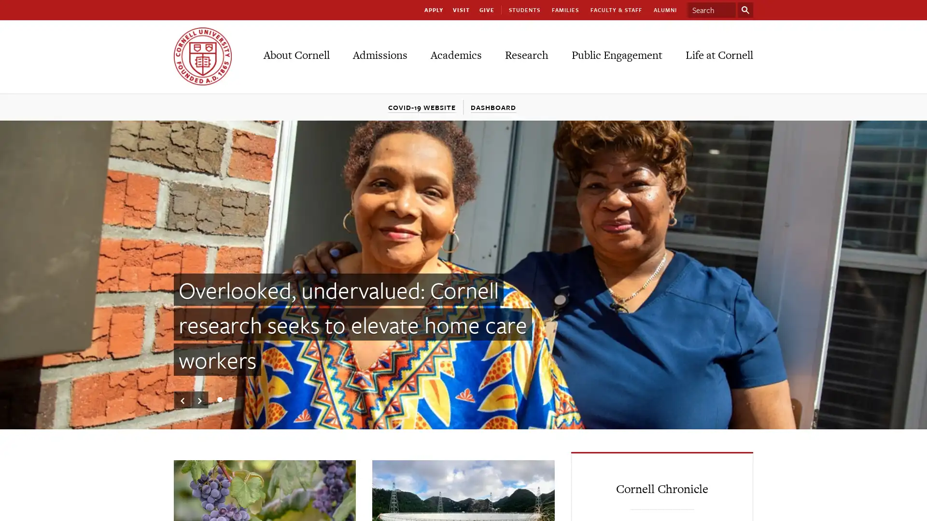  I want to click on Search, so click(745, 10).